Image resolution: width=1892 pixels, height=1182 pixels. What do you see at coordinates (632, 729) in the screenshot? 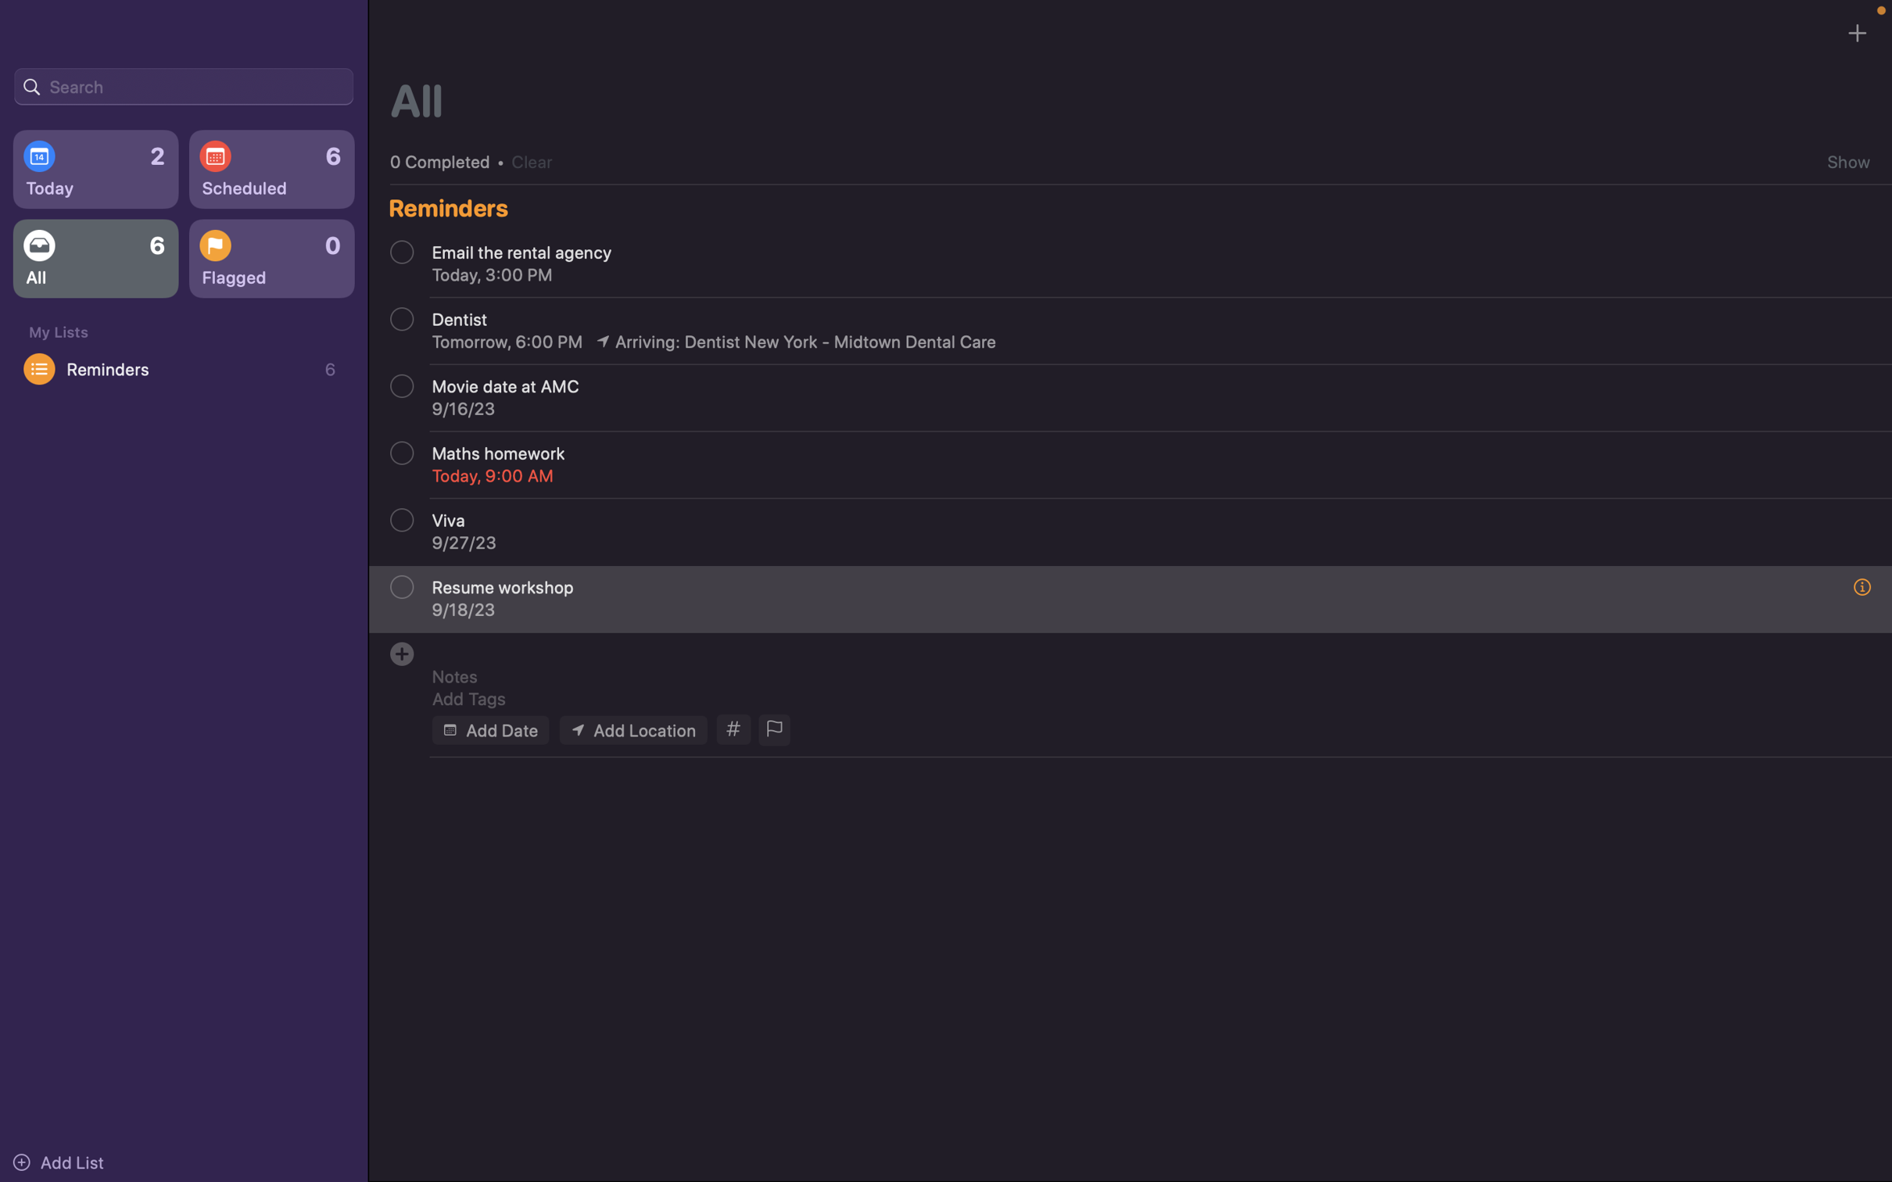
I see `Input "Zoom meeting" into the location field` at bounding box center [632, 729].